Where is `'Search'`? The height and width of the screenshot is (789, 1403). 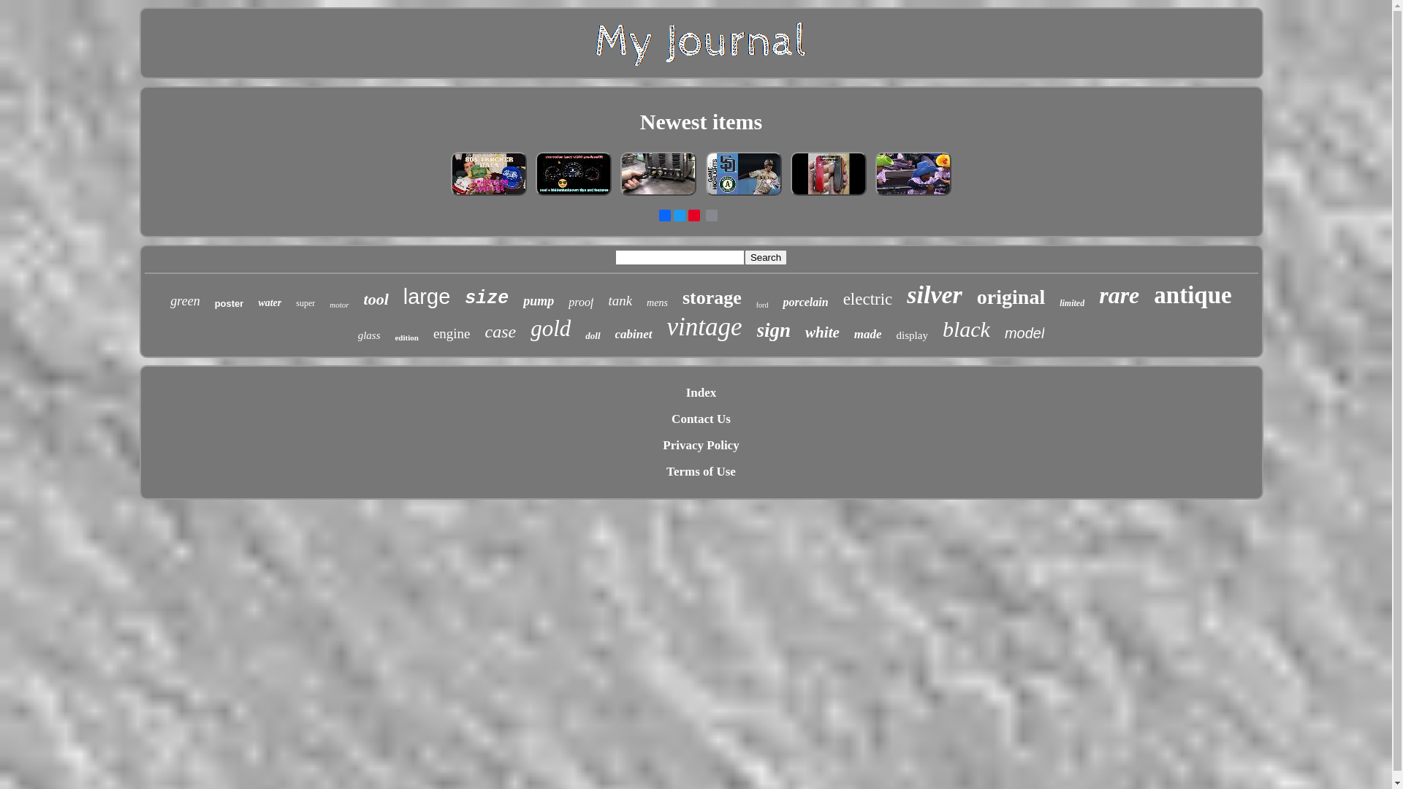
'Search' is located at coordinates (764, 256).